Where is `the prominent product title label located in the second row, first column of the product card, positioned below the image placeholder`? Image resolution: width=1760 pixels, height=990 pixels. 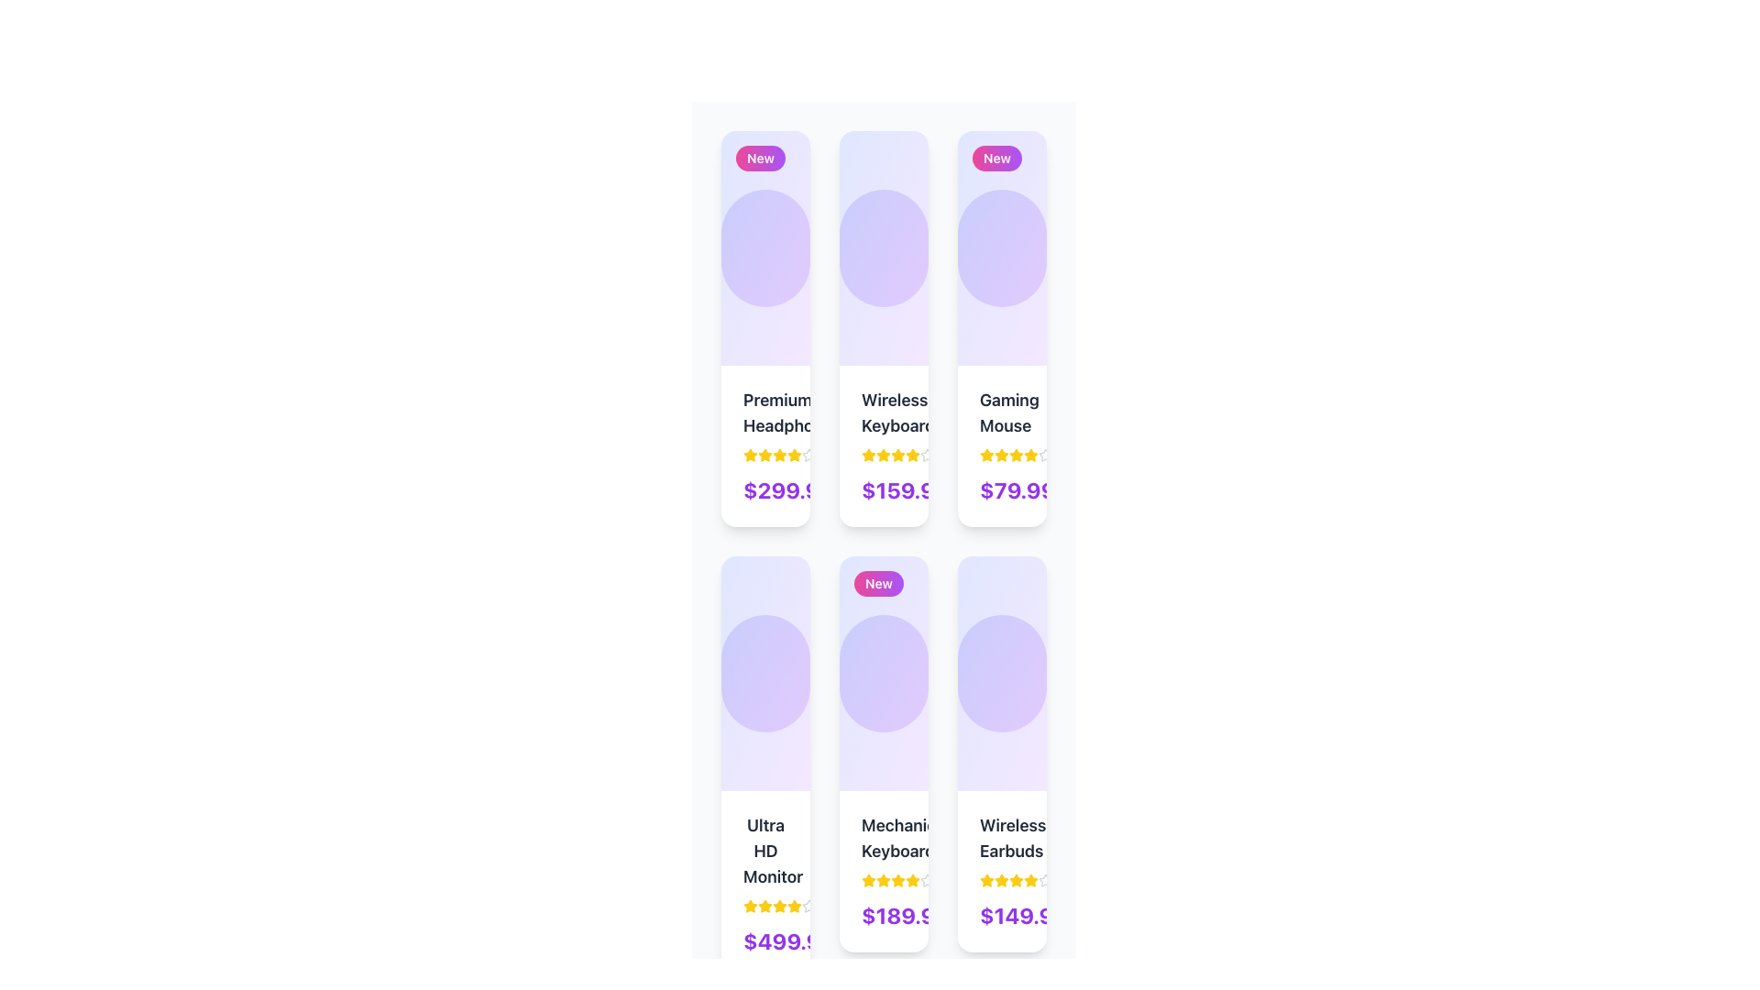 the prominent product title label located in the second row, first column of the product card, positioned below the image placeholder is located at coordinates (765, 852).